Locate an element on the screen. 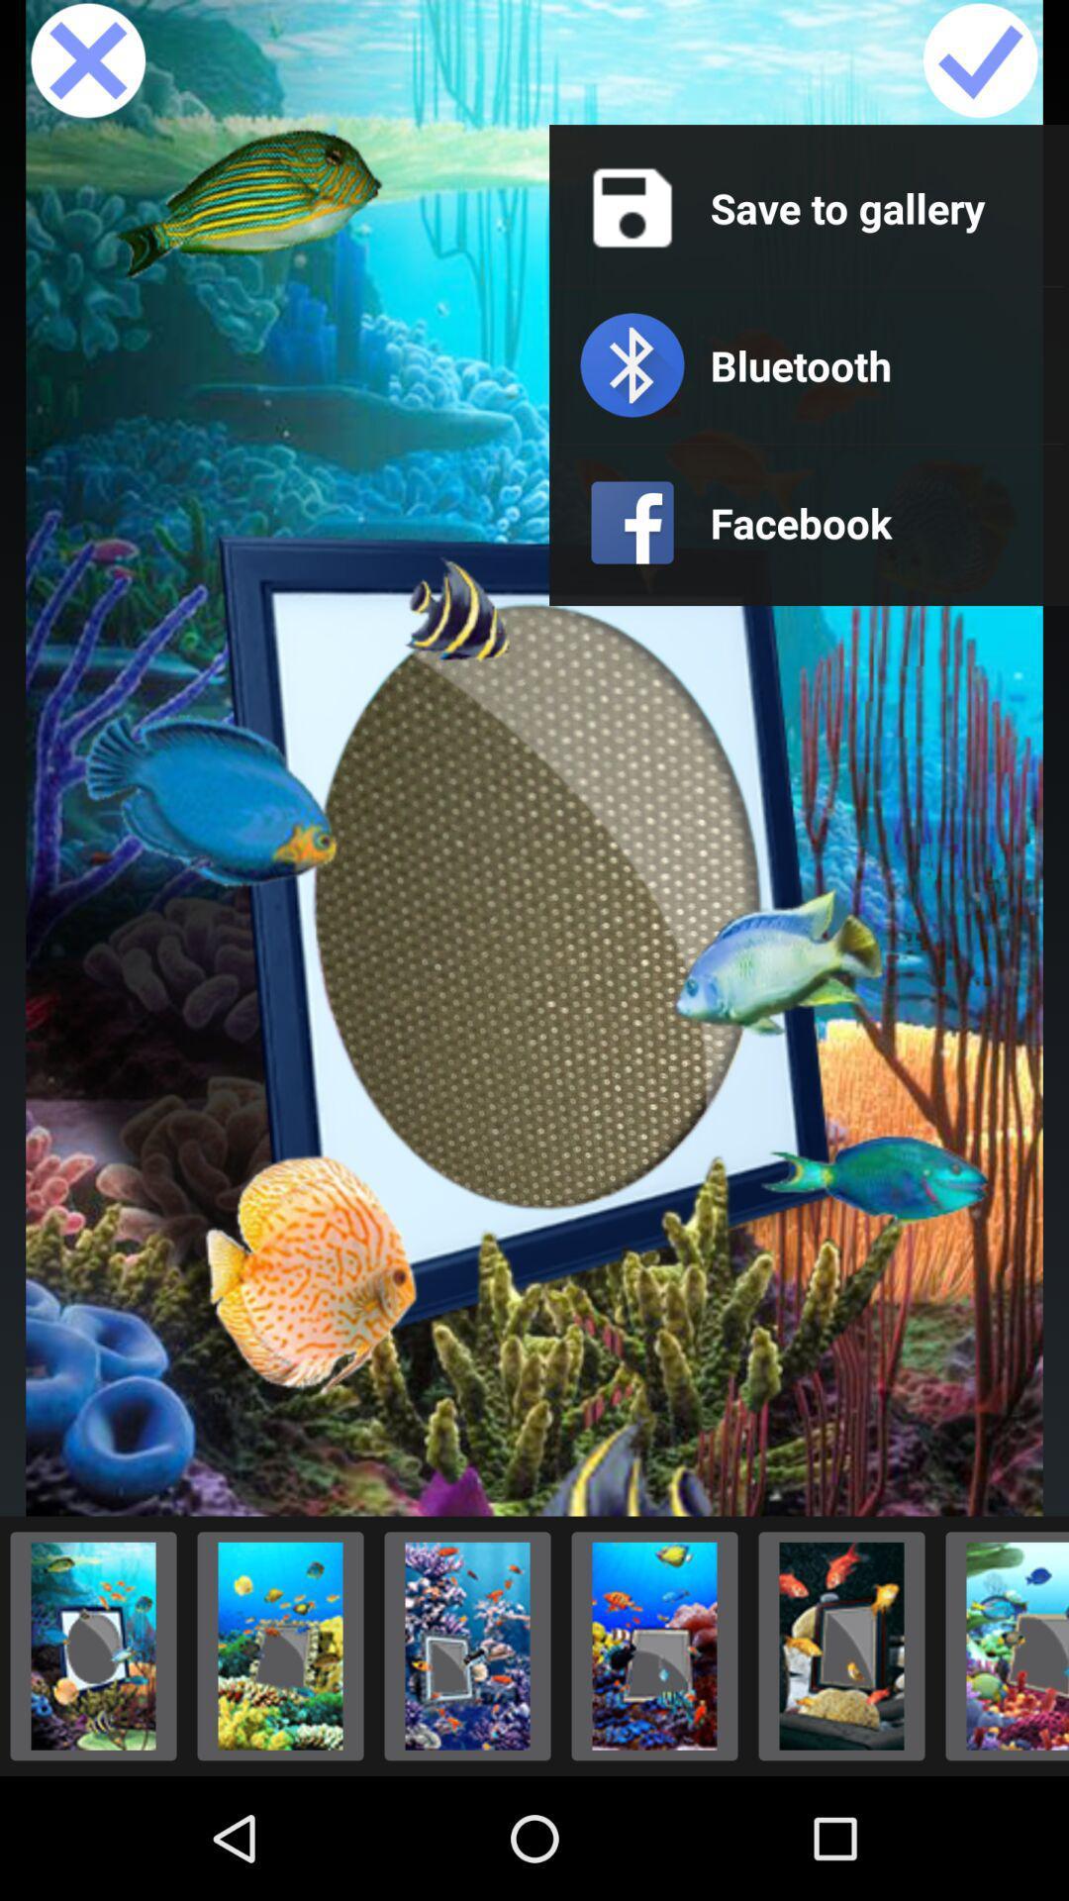 The image size is (1069, 1901). option\ is located at coordinates (1002, 1646).